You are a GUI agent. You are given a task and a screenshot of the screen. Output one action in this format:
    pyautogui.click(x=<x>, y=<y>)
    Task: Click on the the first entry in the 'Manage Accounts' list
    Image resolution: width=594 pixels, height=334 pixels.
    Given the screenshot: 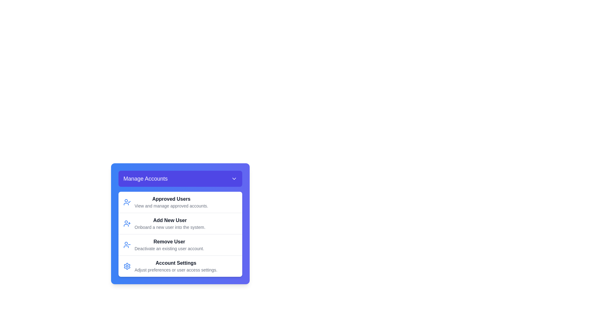 What is the action you would take?
    pyautogui.click(x=180, y=202)
    